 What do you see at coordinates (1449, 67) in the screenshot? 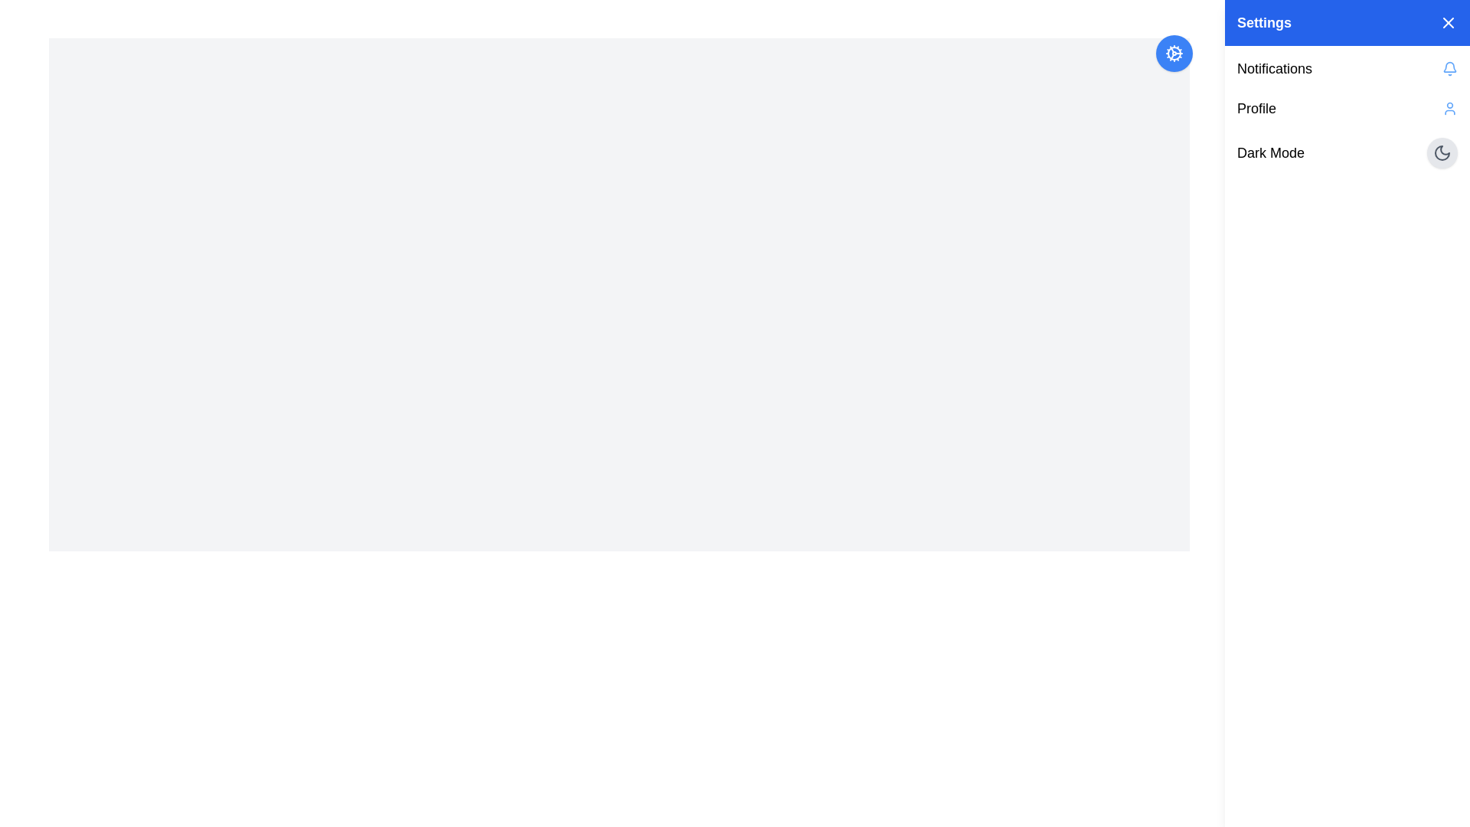
I see `the notification icon located in the top-right area of the Settings panel, adjacent to the 'Notifications' label` at bounding box center [1449, 67].